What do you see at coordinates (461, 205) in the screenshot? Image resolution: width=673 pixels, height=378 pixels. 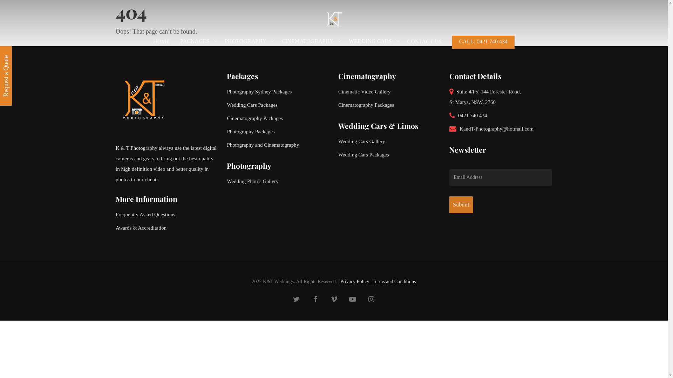 I see `'Submit'` at bounding box center [461, 205].